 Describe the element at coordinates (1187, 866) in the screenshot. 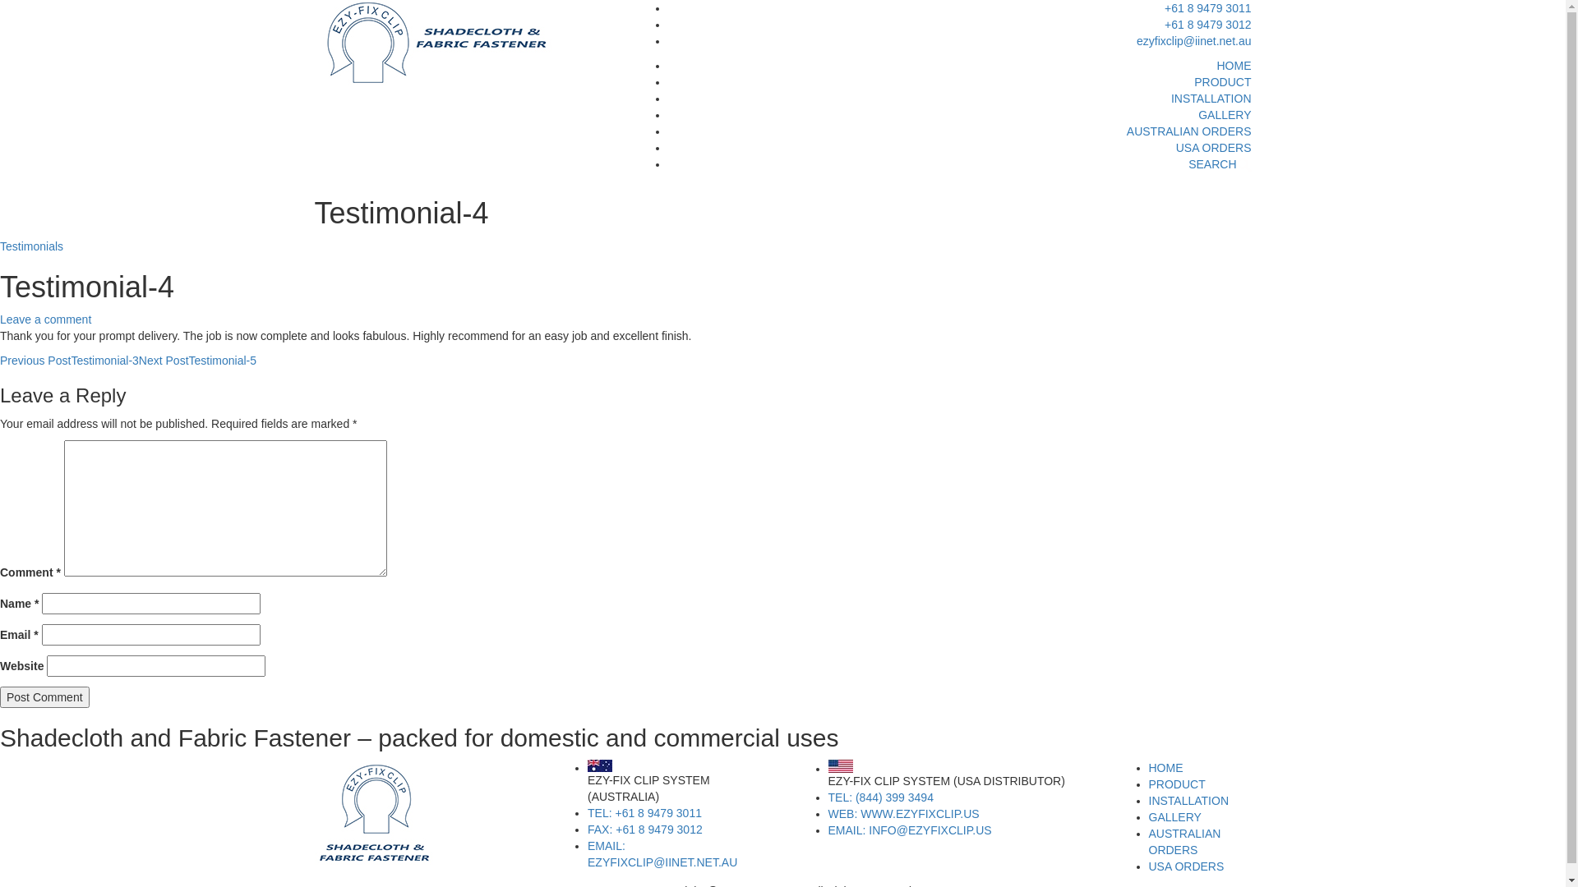

I see `'USA ORDERS'` at that location.